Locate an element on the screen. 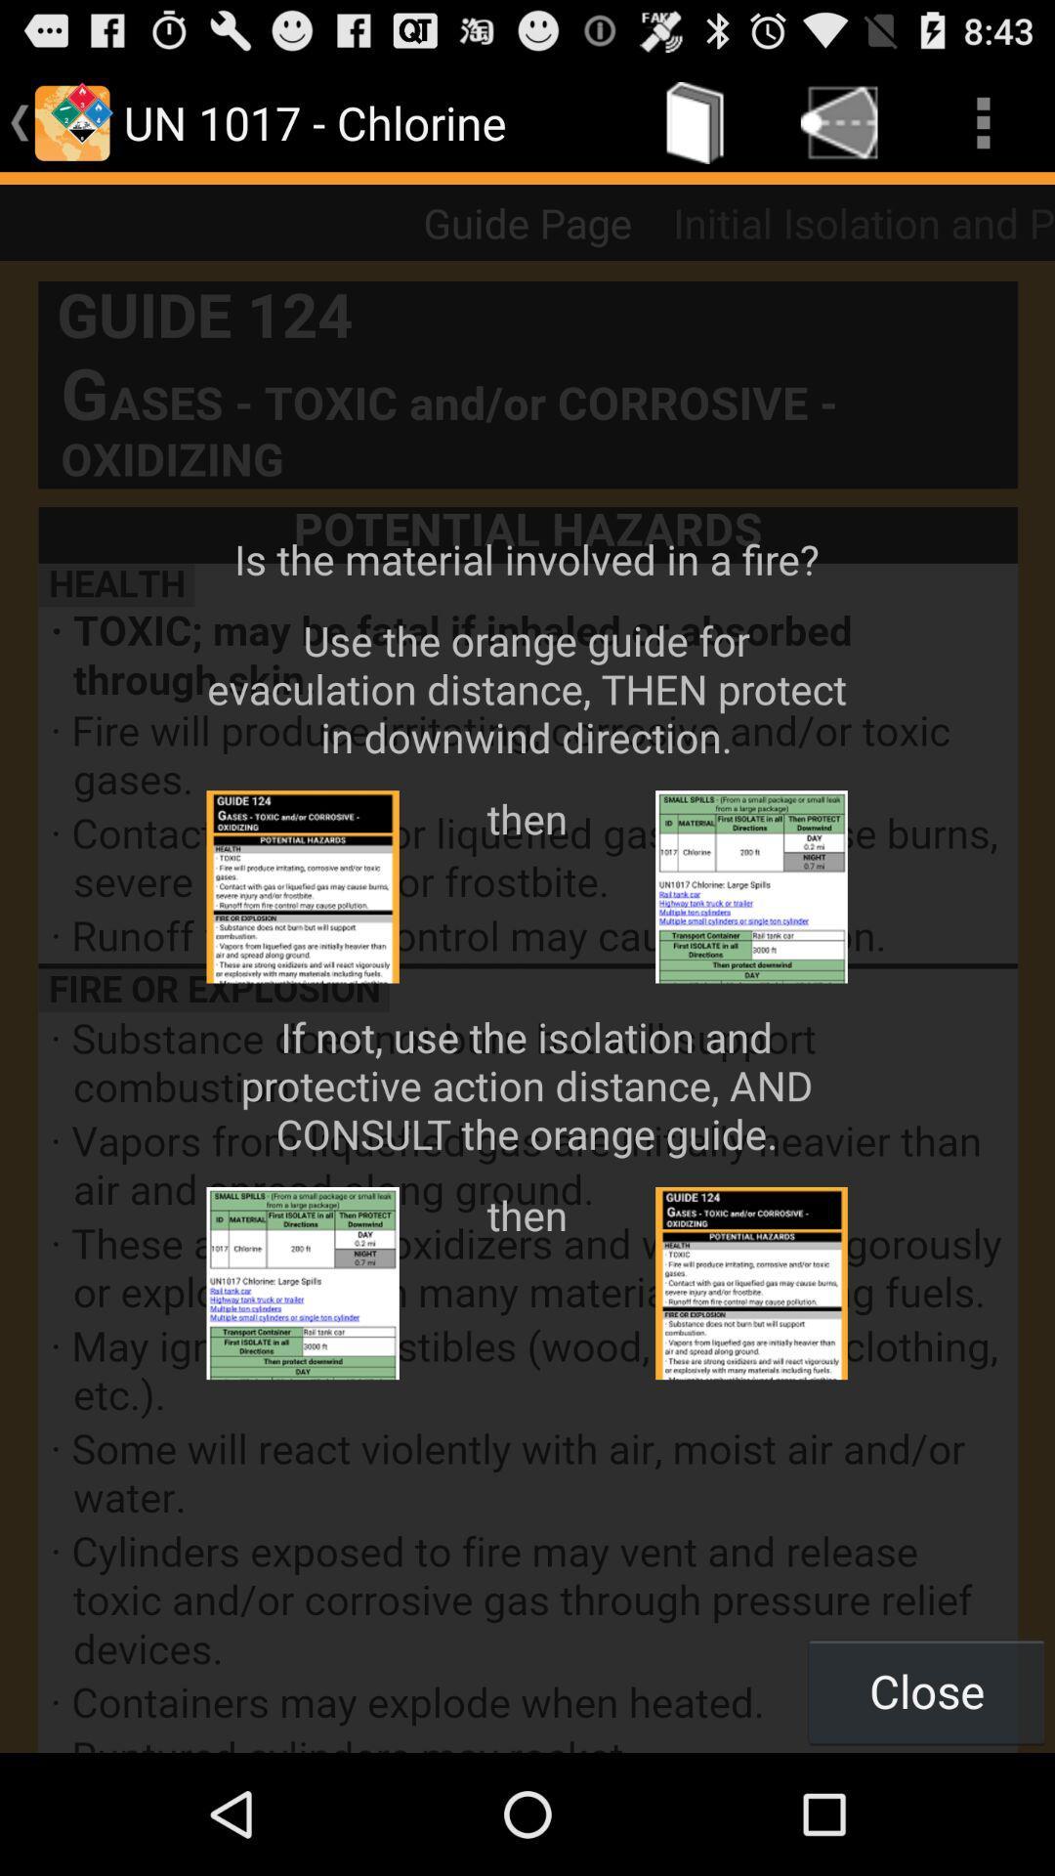 The image size is (1055, 1876). icon next to un 1017 - chlorine is located at coordinates (695, 121).